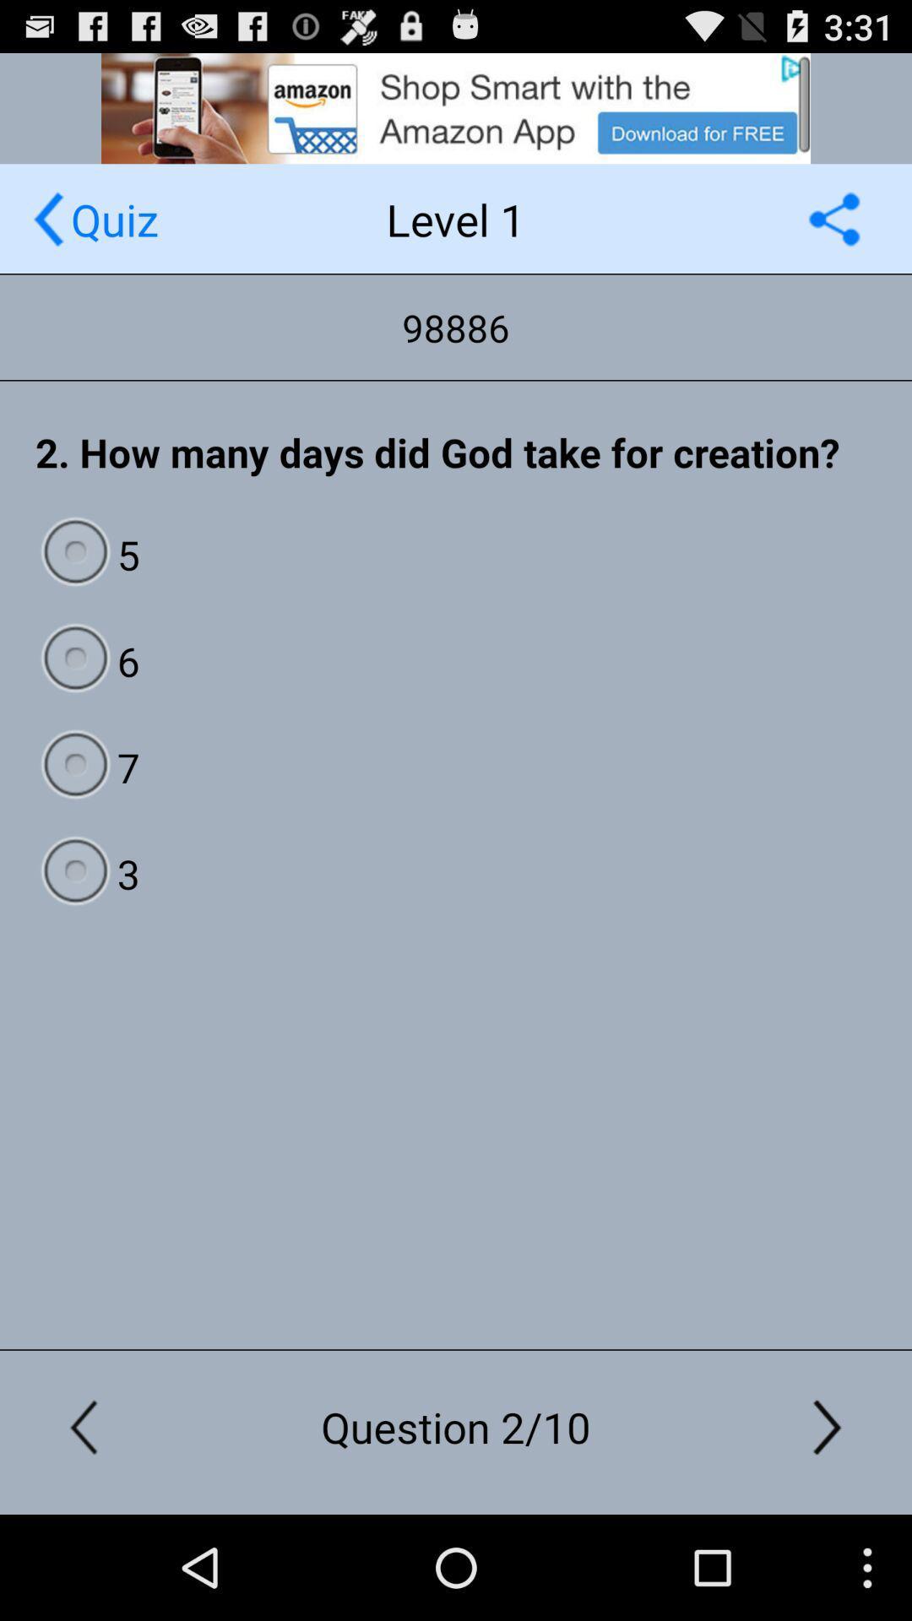 This screenshot has height=1621, width=912. What do you see at coordinates (47, 218) in the screenshot?
I see `go back` at bounding box center [47, 218].